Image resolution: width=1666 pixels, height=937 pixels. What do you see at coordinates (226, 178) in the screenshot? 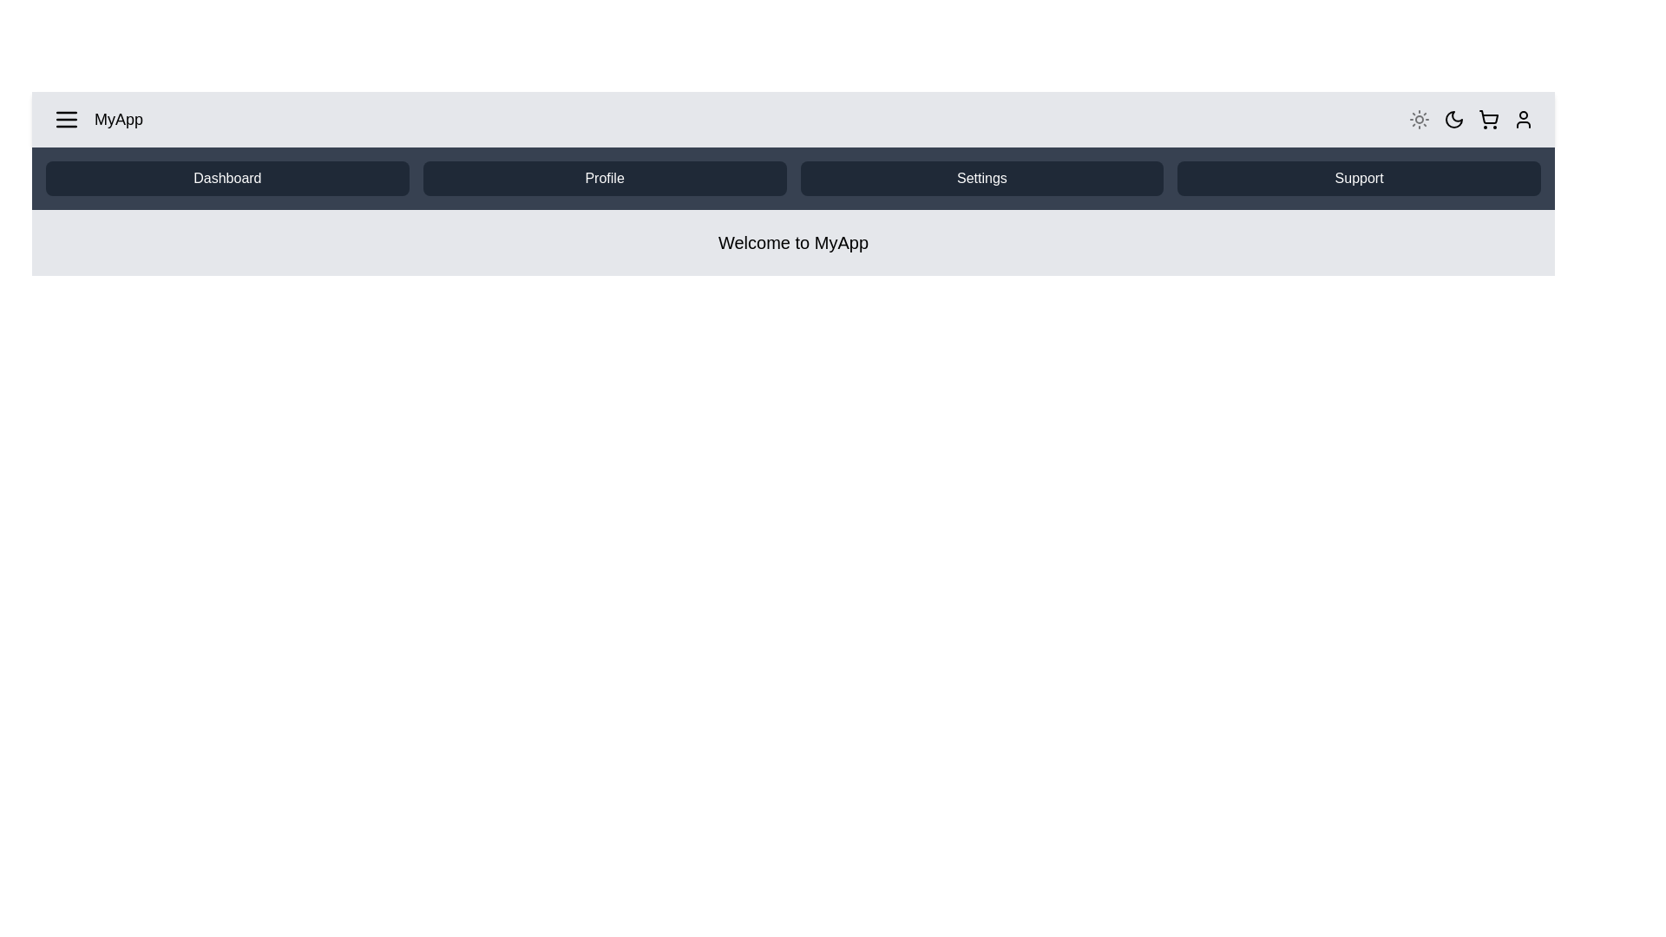
I see `the Dashboard button in the navigation bar` at bounding box center [226, 178].